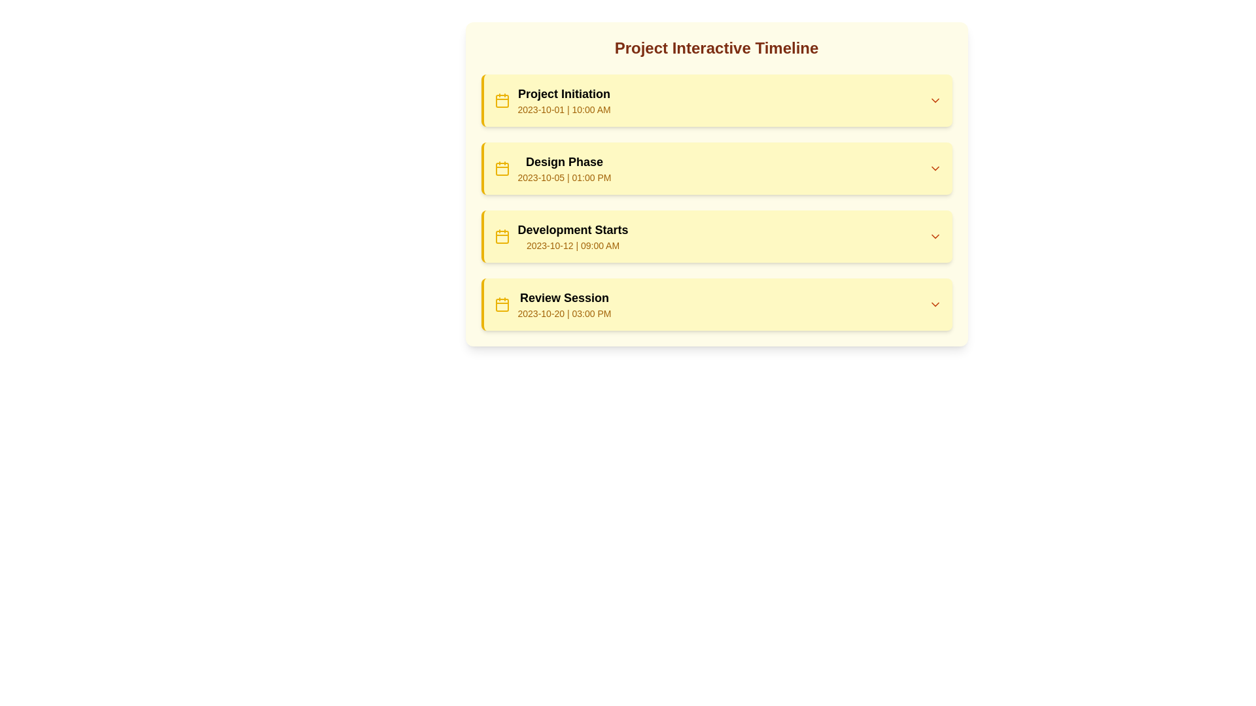 This screenshot has width=1256, height=706. What do you see at coordinates (501, 168) in the screenshot?
I see `the yellow rounded rectangle background of the calendar icon associated with the 'Design Phase' list item in the Project Interactive Timeline section` at bounding box center [501, 168].